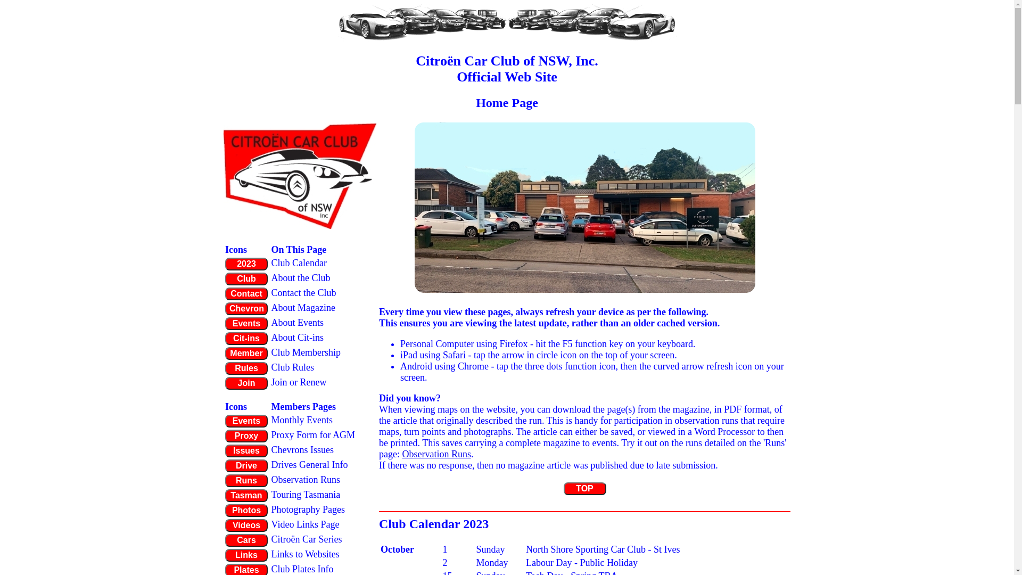  I want to click on 'Member', so click(224, 353).